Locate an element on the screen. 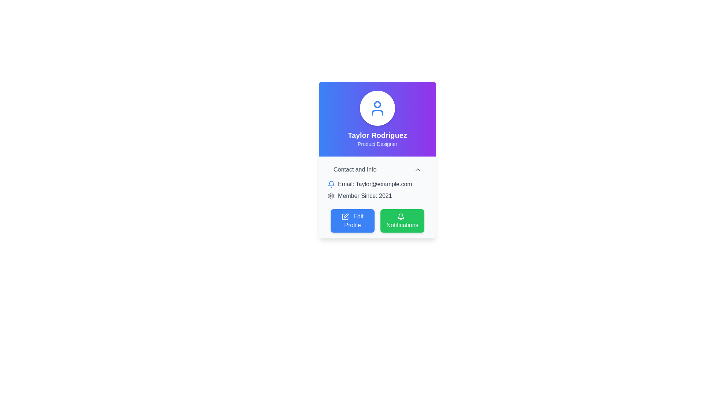 Image resolution: width=703 pixels, height=395 pixels. the small pen-like icon used for editing, located next to the 'Edit Profile' button is located at coordinates (346, 215).